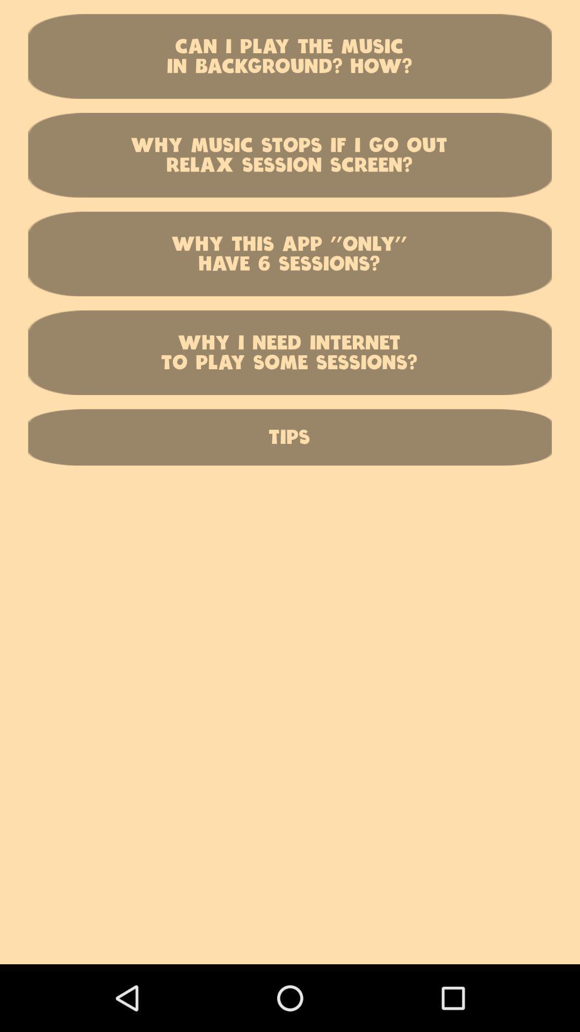 Image resolution: width=580 pixels, height=1032 pixels. What do you see at coordinates (290, 154) in the screenshot?
I see `the item below the can i play item` at bounding box center [290, 154].